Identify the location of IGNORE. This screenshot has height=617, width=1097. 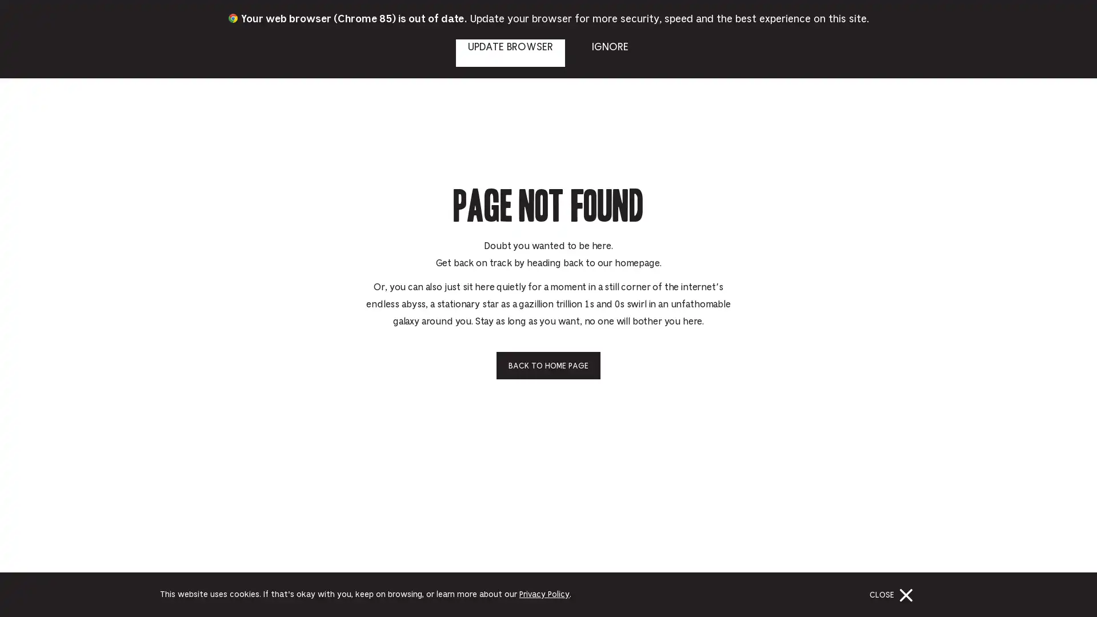
(609, 53).